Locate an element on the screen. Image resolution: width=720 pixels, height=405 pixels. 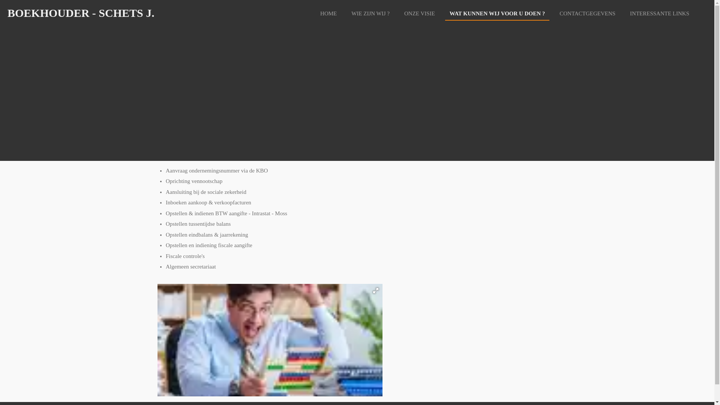
'BOEKHOUDER - SCHETS J.' is located at coordinates (81, 13).